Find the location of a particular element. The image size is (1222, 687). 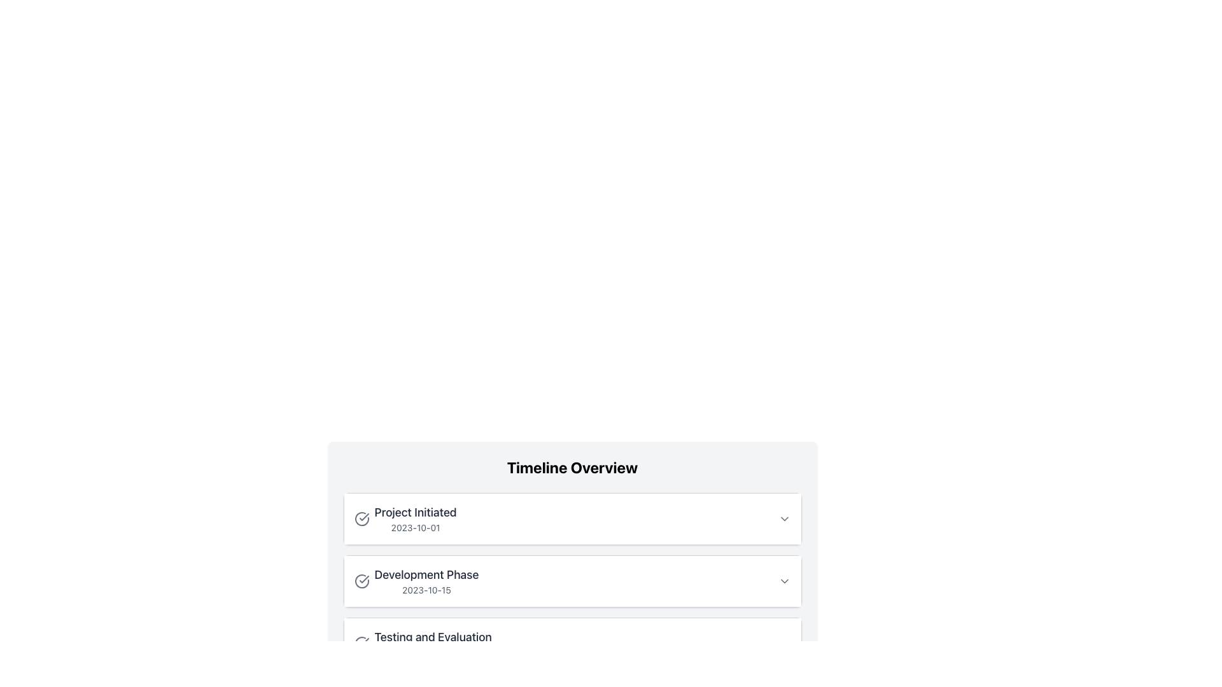

the heading text 'Project Initiated' located at the top of the 'Timeline Overview' section, which is styled in bold and larger font is located at coordinates (415, 512).